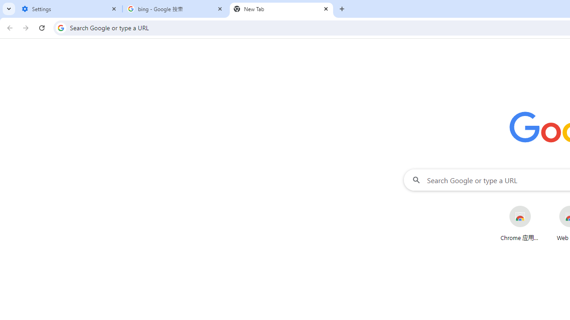 The height and width of the screenshot is (320, 570). I want to click on 'Settings', so click(69, 9).